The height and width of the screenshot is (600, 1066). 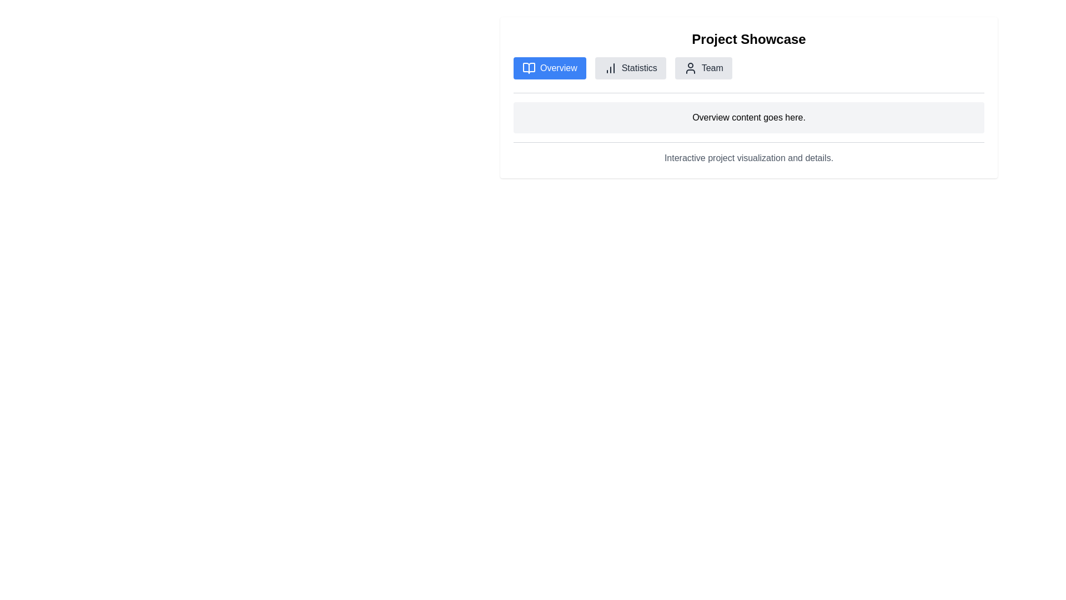 I want to click on the 'Team' icon located within the button labeled 'Team', which is positioned in the top section of the interface, adjacent to 'Overview' and 'Statistics', so click(x=690, y=68).